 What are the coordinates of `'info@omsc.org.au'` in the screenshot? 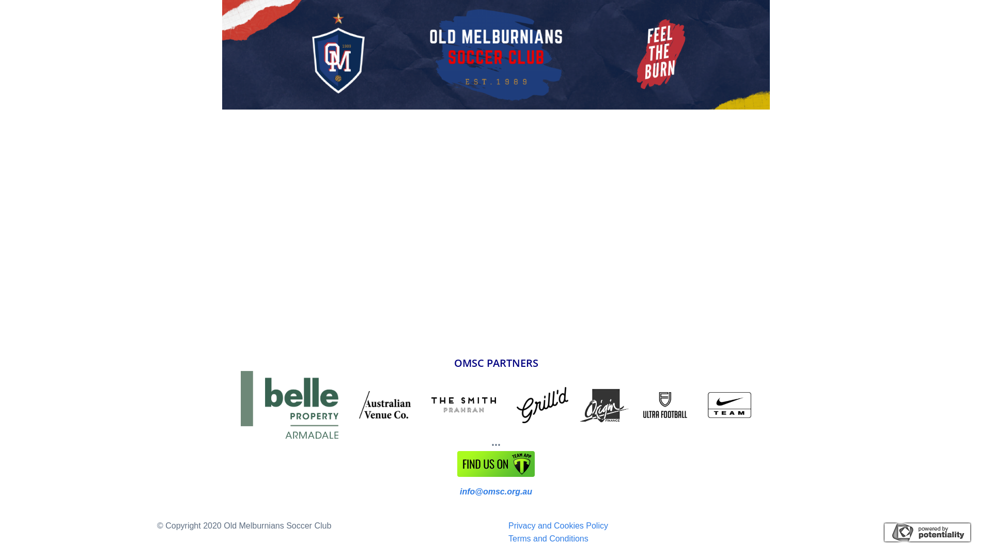 It's located at (459, 491).